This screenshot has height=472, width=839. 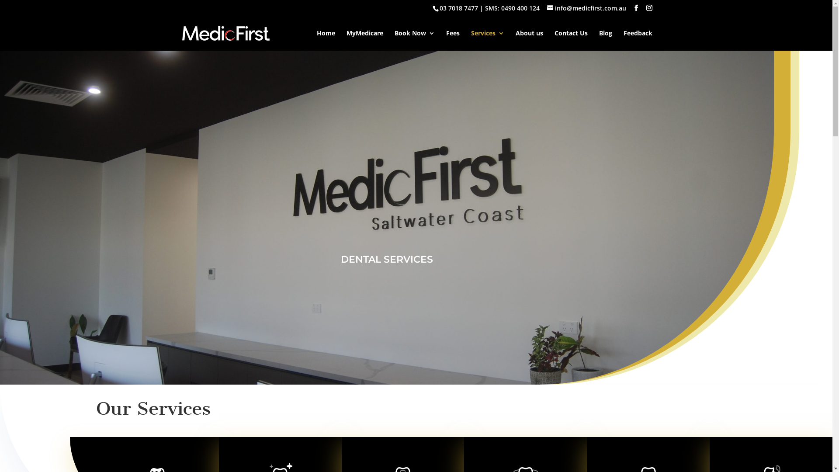 I want to click on 'Services', so click(x=487, y=40).